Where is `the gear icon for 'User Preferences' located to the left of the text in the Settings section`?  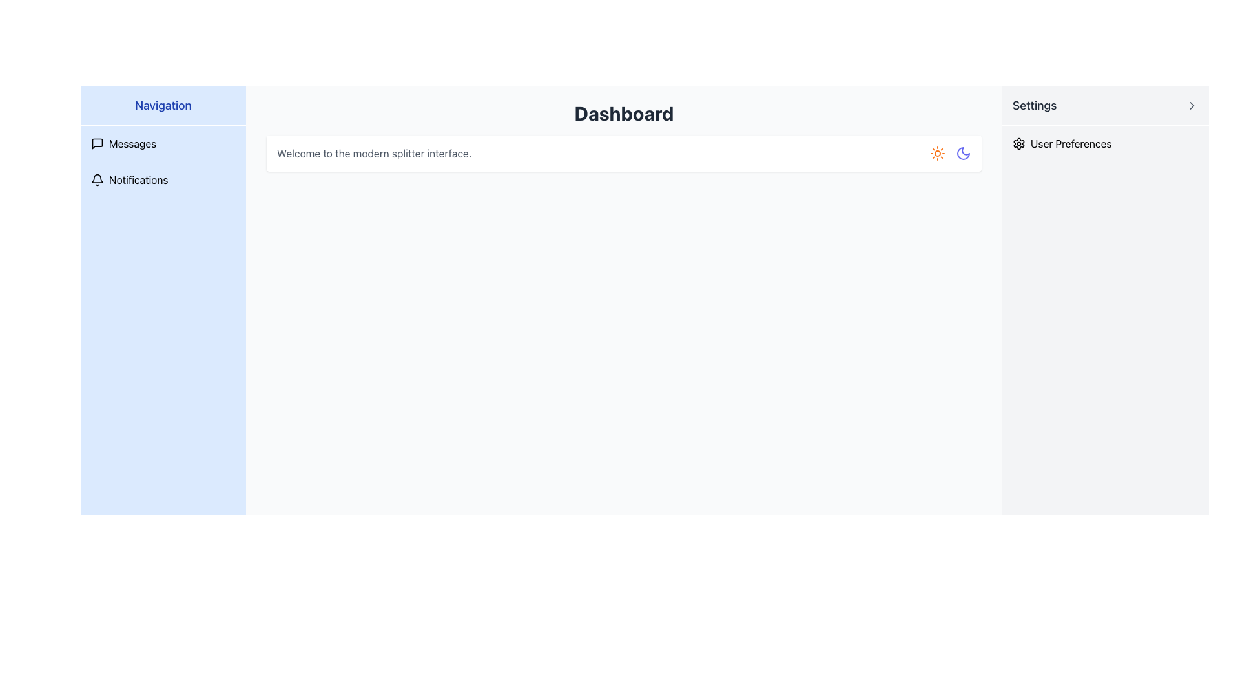 the gear icon for 'User Preferences' located to the left of the text in the Settings section is located at coordinates (1018, 144).